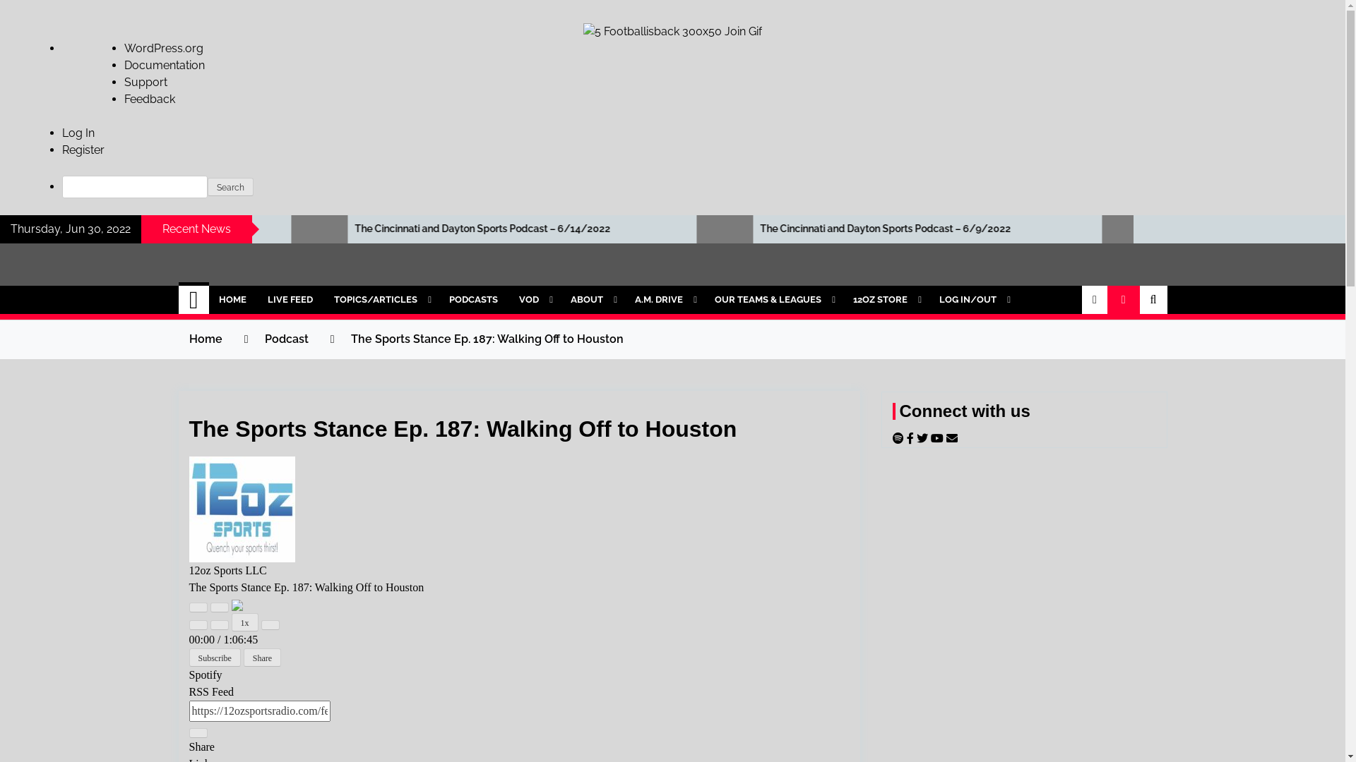 This screenshot has width=1356, height=762. What do you see at coordinates (473, 298) in the screenshot?
I see `'PODCASTS'` at bounding box center [473, 298].